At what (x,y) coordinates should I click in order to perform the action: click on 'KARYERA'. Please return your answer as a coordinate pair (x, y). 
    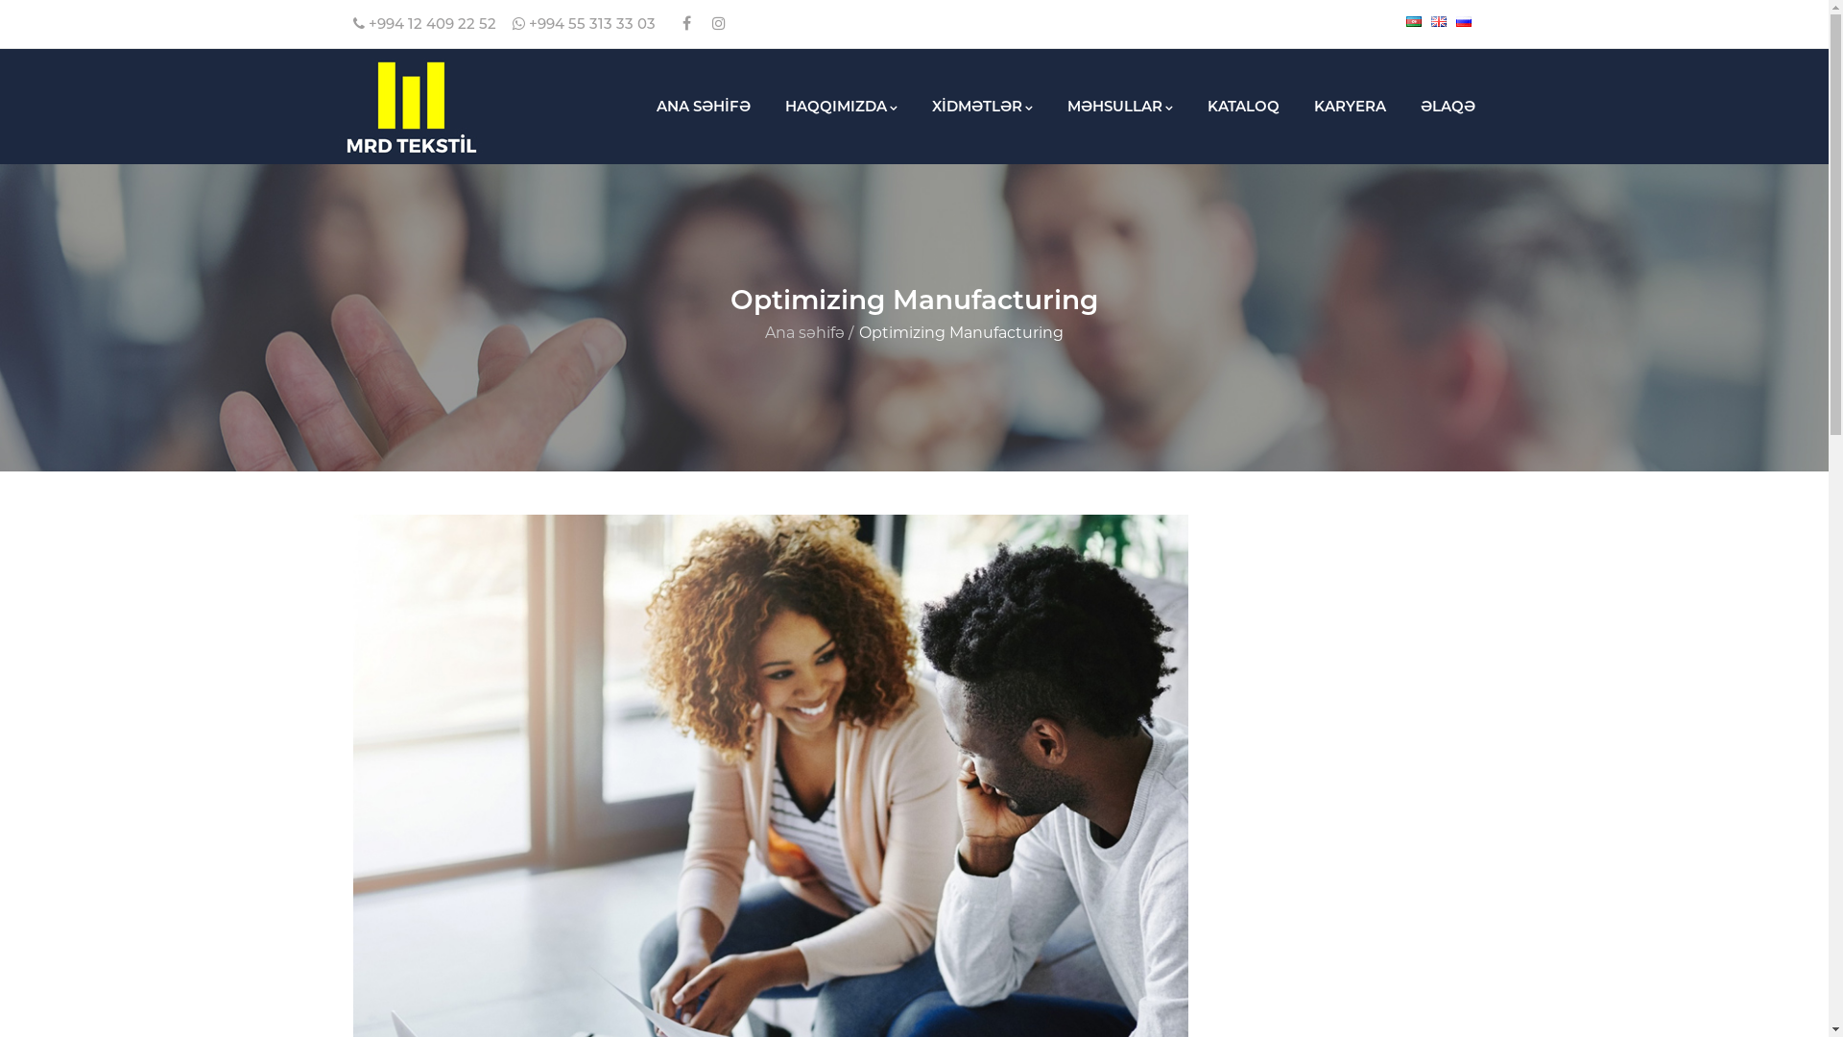
    Looking at the image, I should click on (1349, 107).